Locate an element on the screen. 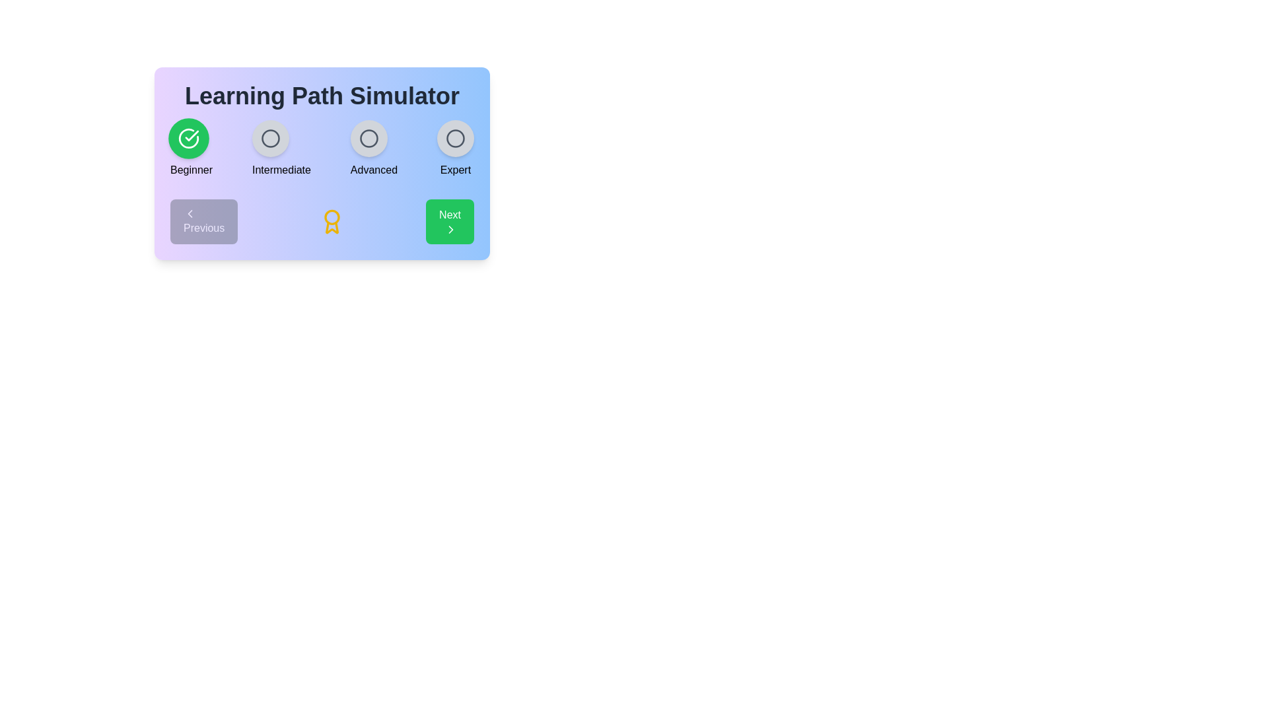 Image resolution: width=1268 pixels, height=713 pixels. the 'Advanced' text label, which provides descriptive text for the option it represents in the selection context is located at coordinates (373, 169).